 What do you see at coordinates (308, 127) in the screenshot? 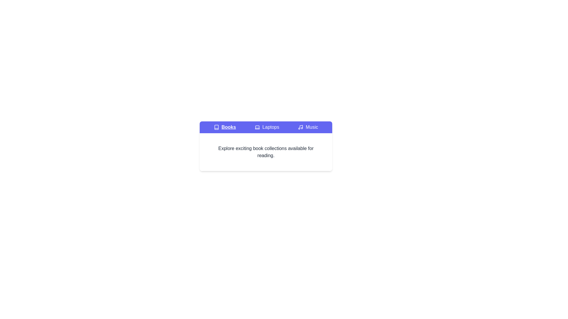
I see `the Music tab` at bounding box center [308, 127].